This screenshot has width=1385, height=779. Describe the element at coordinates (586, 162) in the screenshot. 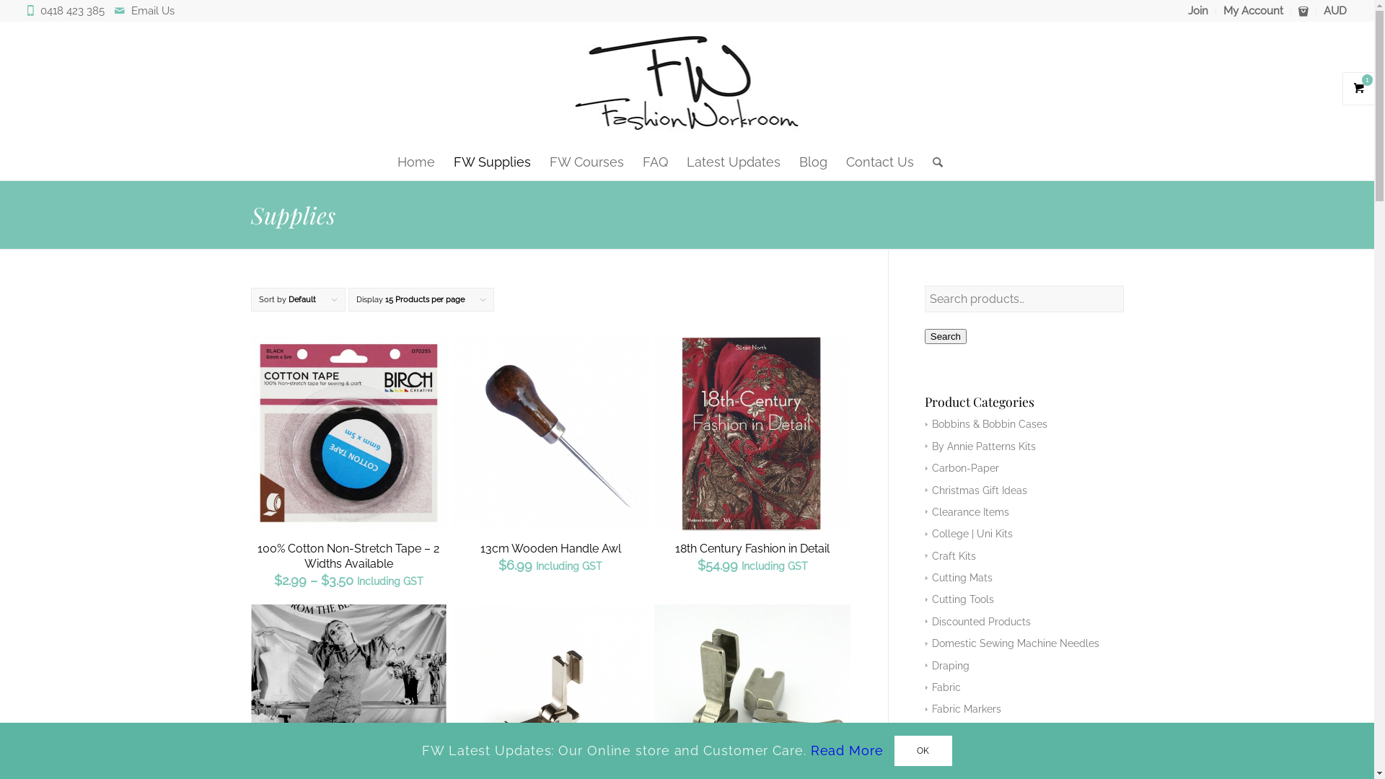

I see `'FW Courses'` at that location.